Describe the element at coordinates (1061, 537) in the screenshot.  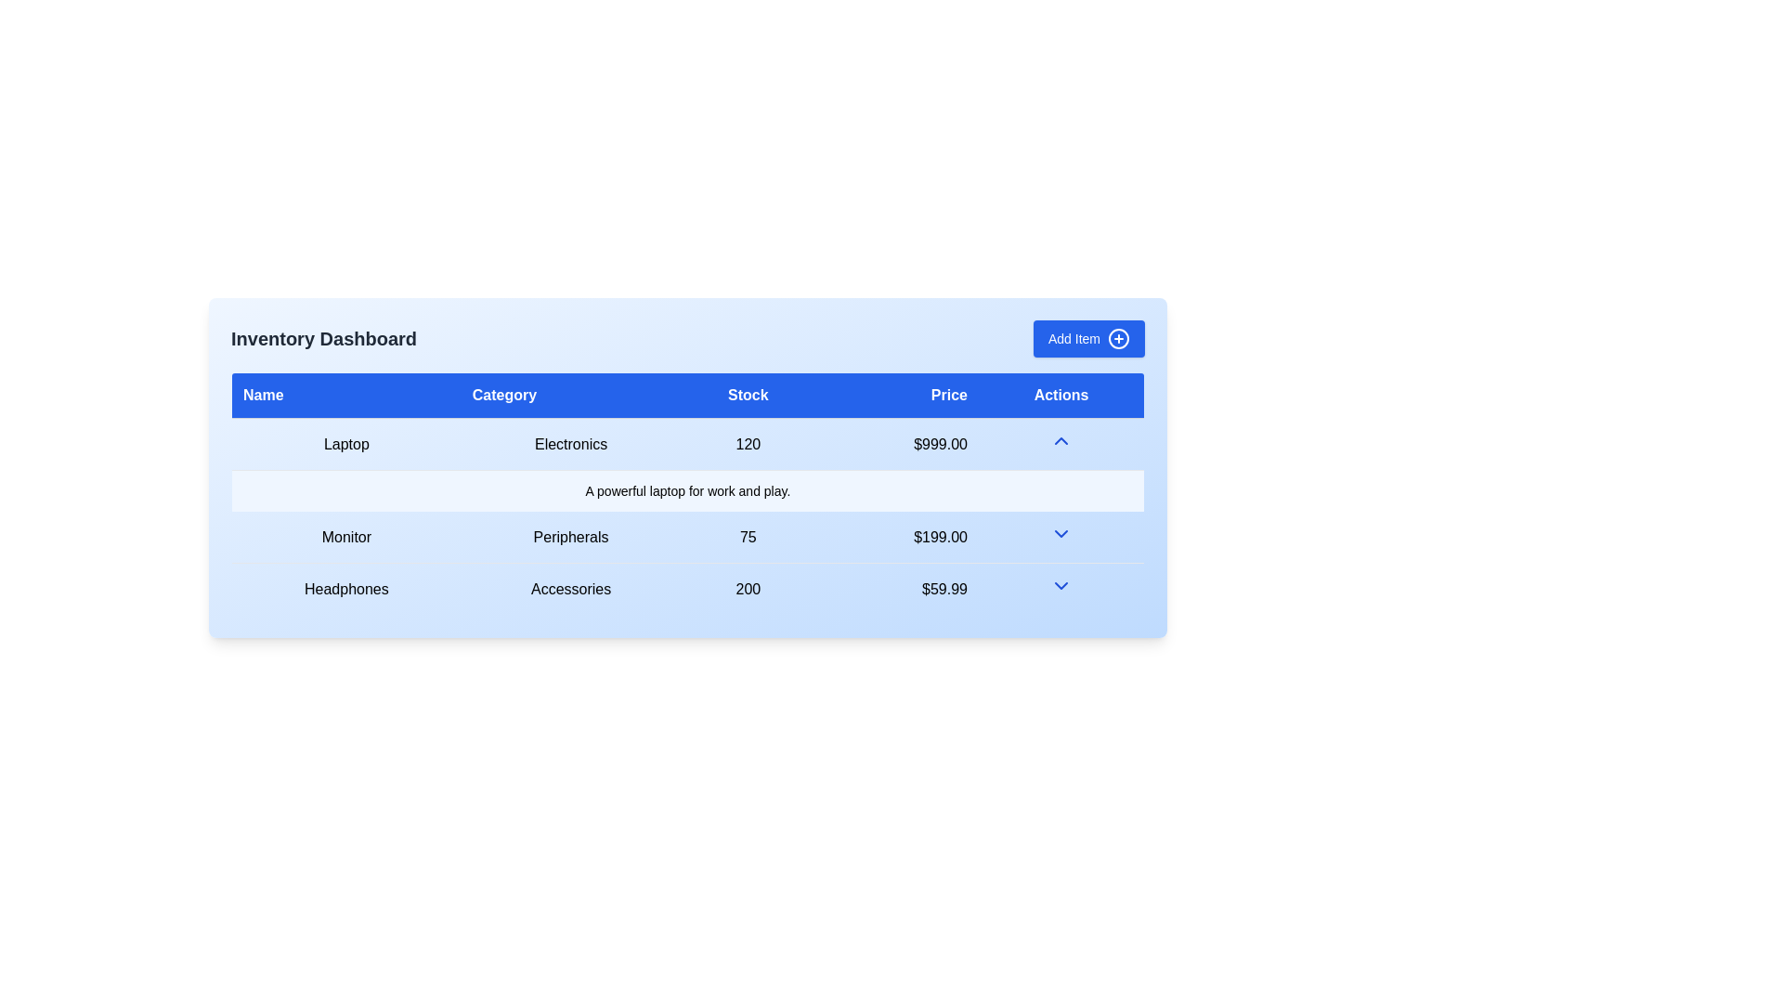
I see `the Chevron button in the rightmost column under the 'Actions' heading for the 'Monitor' item` at that location.